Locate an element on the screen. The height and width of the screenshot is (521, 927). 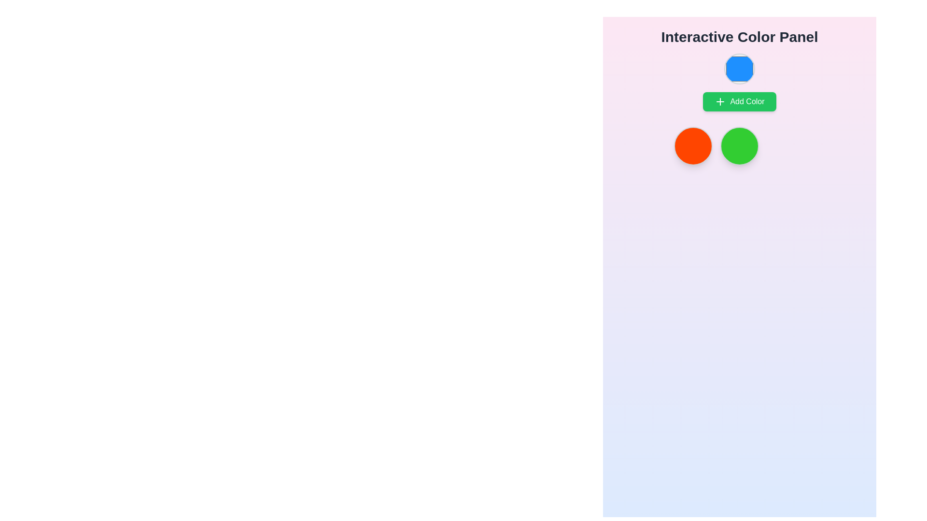
the 'Add Color' button with a green background and white text for keyboard accessibility is located at coordinates (739, 102).